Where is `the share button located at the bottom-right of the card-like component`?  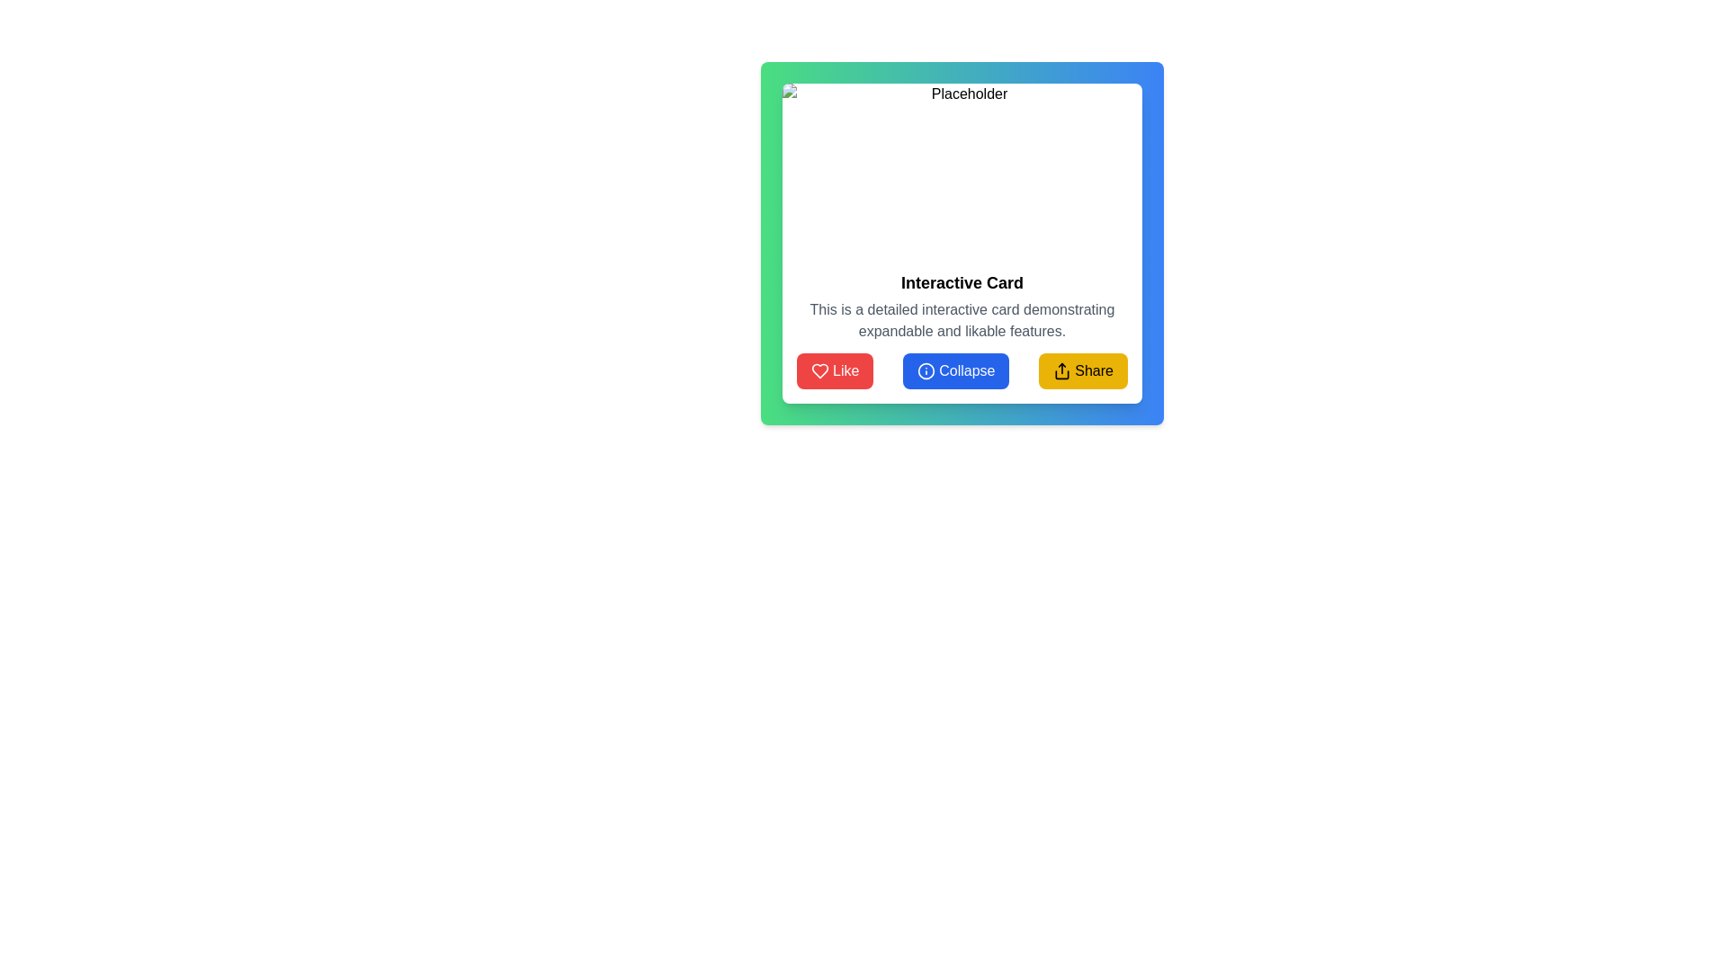 the share button located at the bottom-right of the card-like component is located at coordinates (1082, 370).